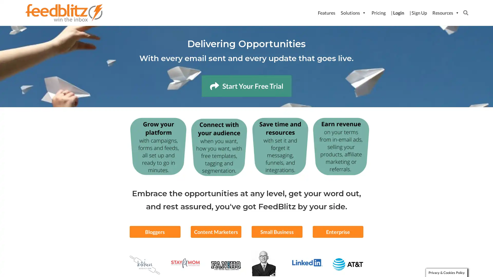 The width and height of the screenshot is (493, 277). I want to click on Open accessibility options, statement and help, so click(13, 263).